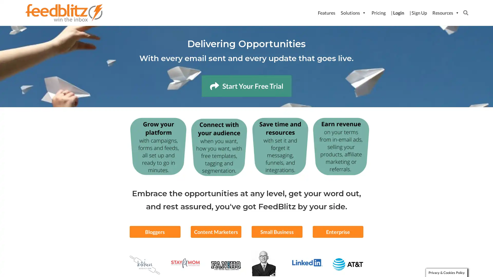 The width and height of the screenshot is (493, 277). I want to click on Open accessibility options, statement and help, so click(13, 263).